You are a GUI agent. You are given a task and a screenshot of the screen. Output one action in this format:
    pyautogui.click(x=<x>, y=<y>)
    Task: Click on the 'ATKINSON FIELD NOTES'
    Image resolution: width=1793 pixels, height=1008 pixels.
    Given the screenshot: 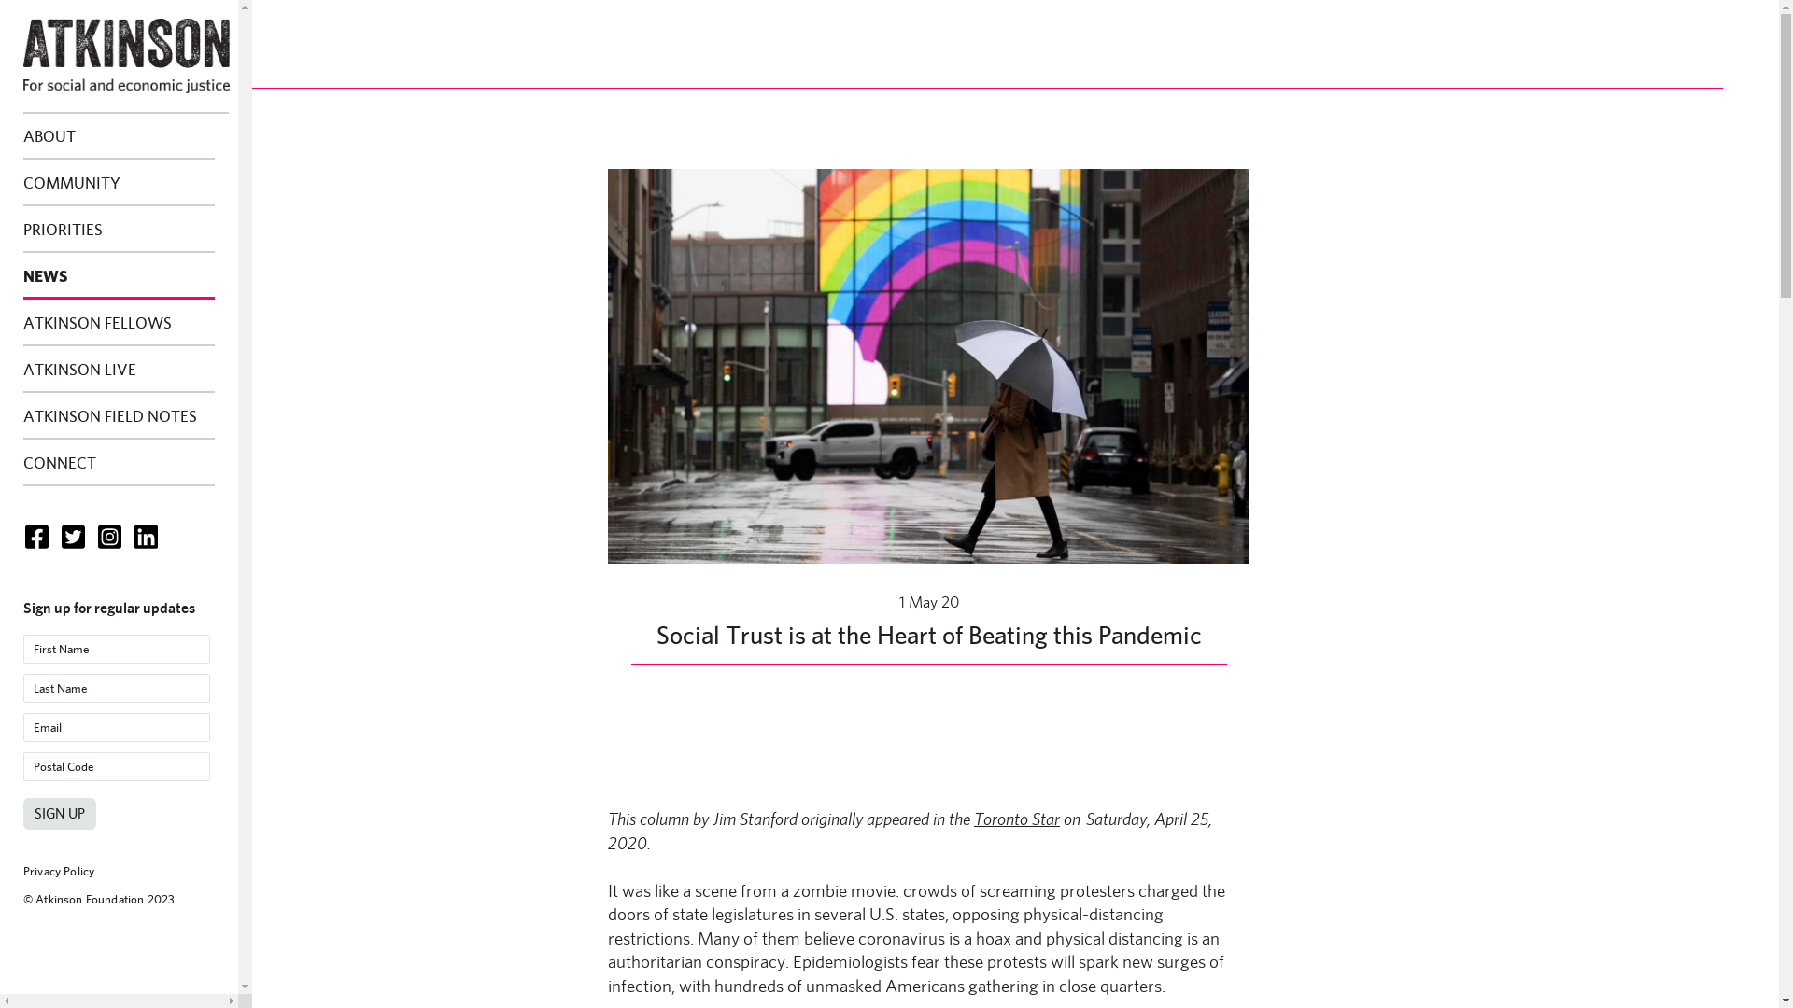 What is the action you would take?
    pyautogui.click(x=118, y=415)
    